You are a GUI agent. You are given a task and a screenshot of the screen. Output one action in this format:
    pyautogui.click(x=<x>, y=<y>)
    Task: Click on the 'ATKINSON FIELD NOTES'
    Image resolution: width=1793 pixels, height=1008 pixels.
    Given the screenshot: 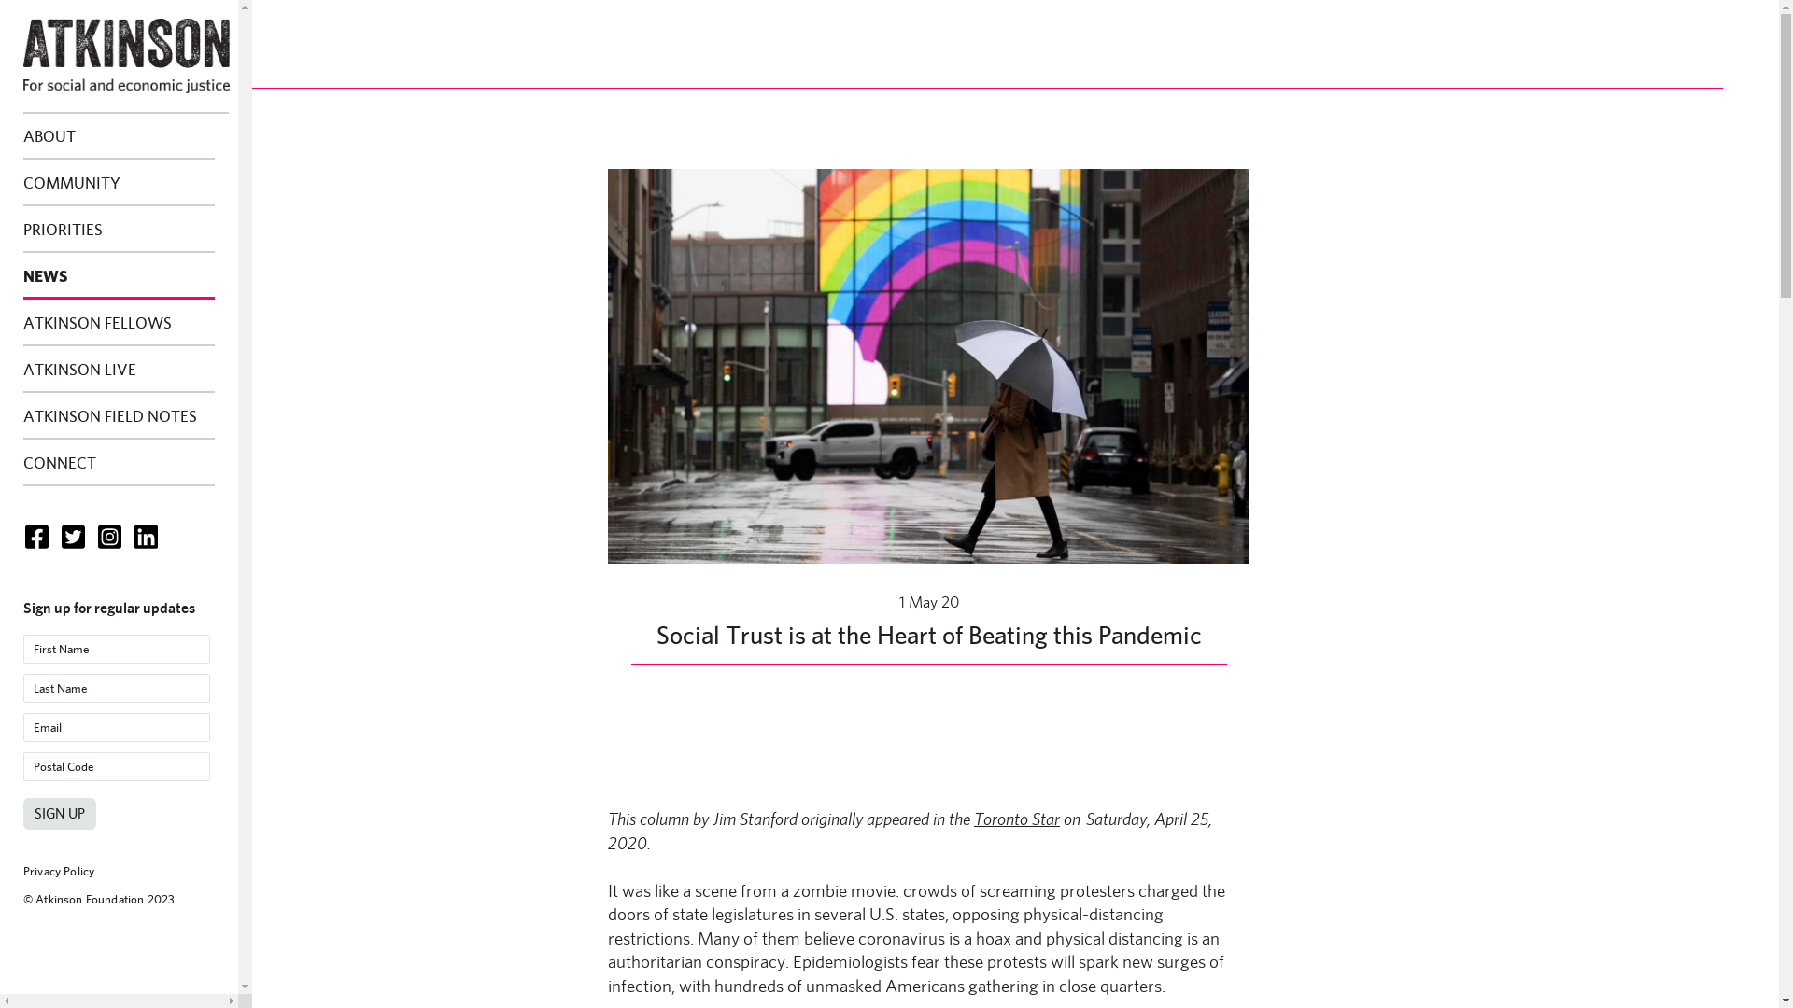 What is the action you would take?
    pyautogui.click(x=118, y=415)
    